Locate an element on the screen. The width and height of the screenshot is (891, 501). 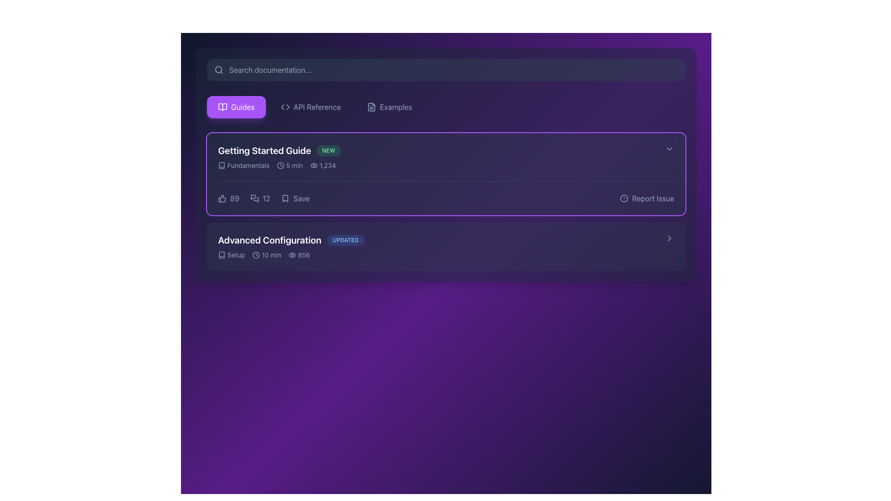
the modern outline eye icon located to the left of the text '1,234' in the 'Getting Started Guide' card for additional interaction is located at coordinates (314, 165).